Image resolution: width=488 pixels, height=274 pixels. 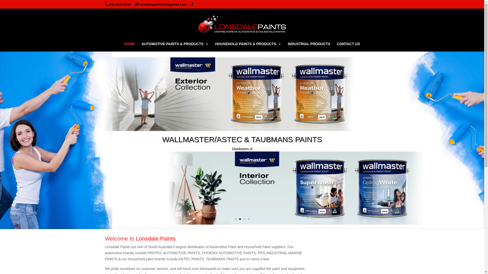 What do you see at coordinates (135, 4) in the screenshot?
I see `'lonsdalepaints@bigpond.com'` at bounding box center [135, 4].